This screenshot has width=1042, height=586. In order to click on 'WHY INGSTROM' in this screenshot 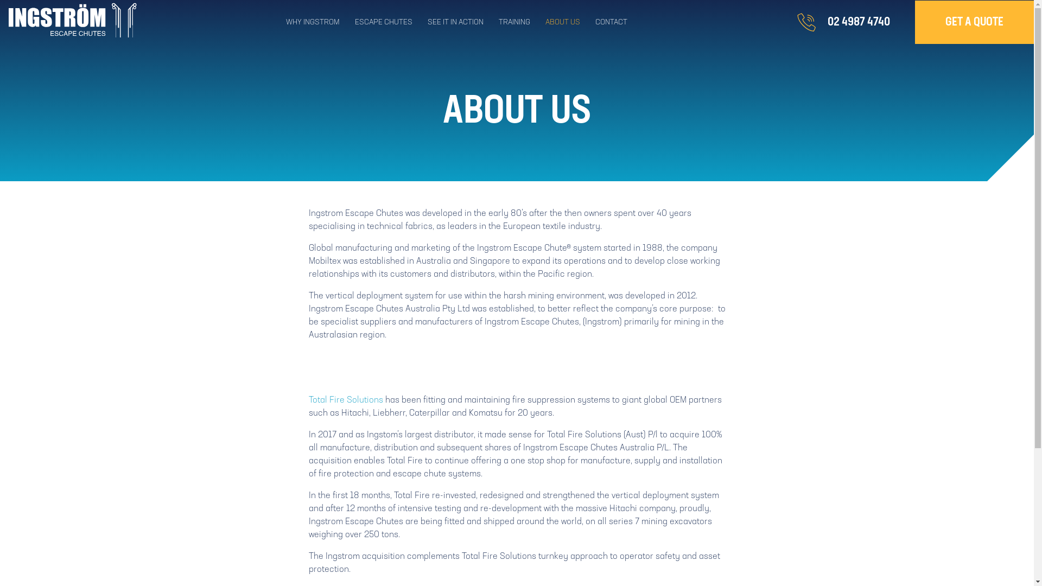, I will do `click(320, 22)`.